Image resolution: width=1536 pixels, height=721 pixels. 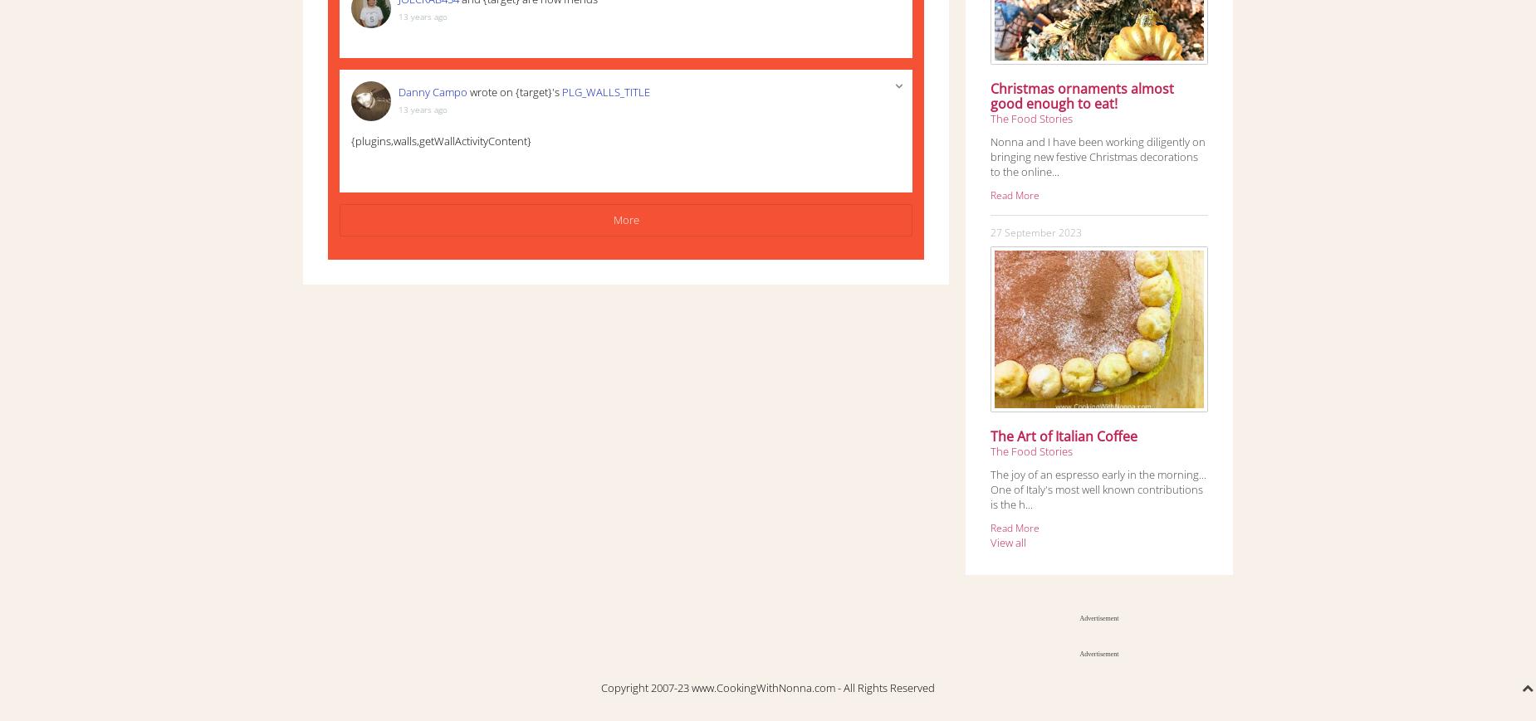 What do you see at coordinates (612, 218) in the screenshot?
I see `'More'` at bounding box center [612, 218].